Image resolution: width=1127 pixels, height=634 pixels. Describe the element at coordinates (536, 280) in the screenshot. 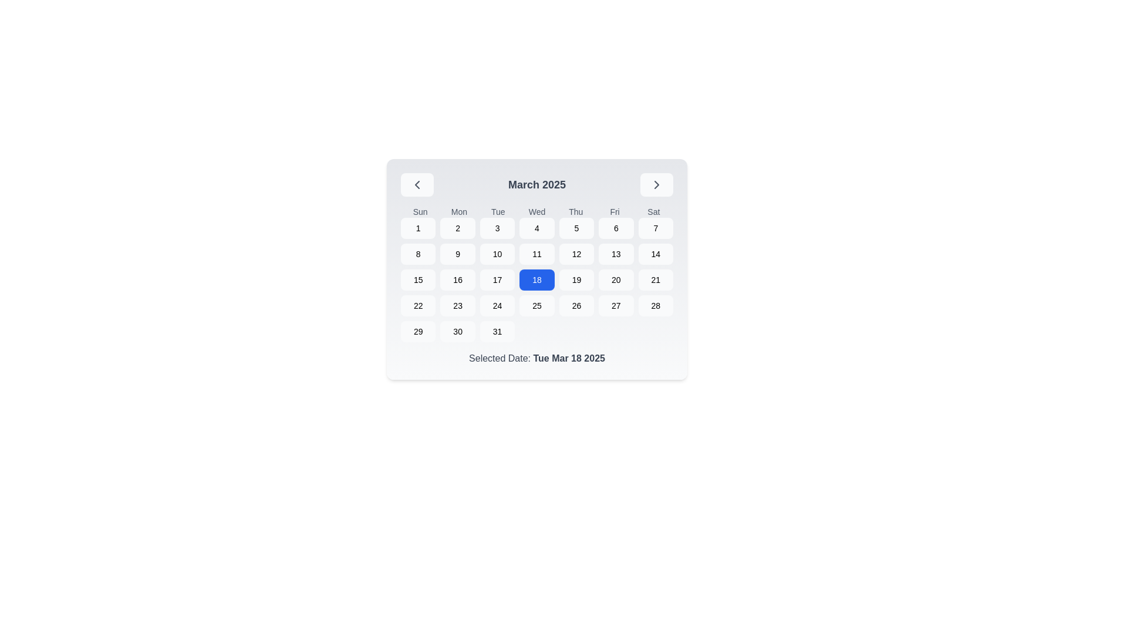

I see `the blue rectangular button labeled '18' in the calendar grid layout` at that location.